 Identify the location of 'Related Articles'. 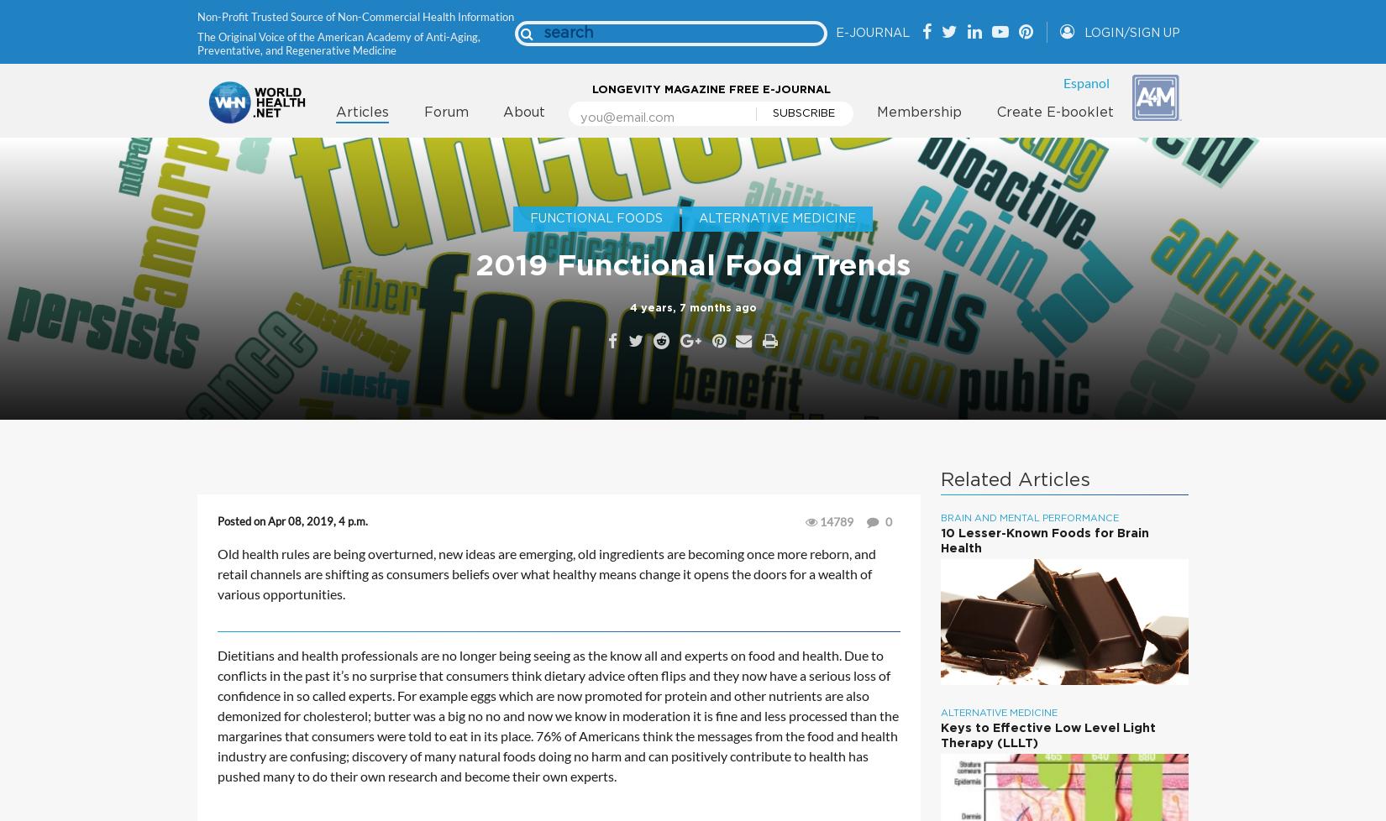
(1015, 480).